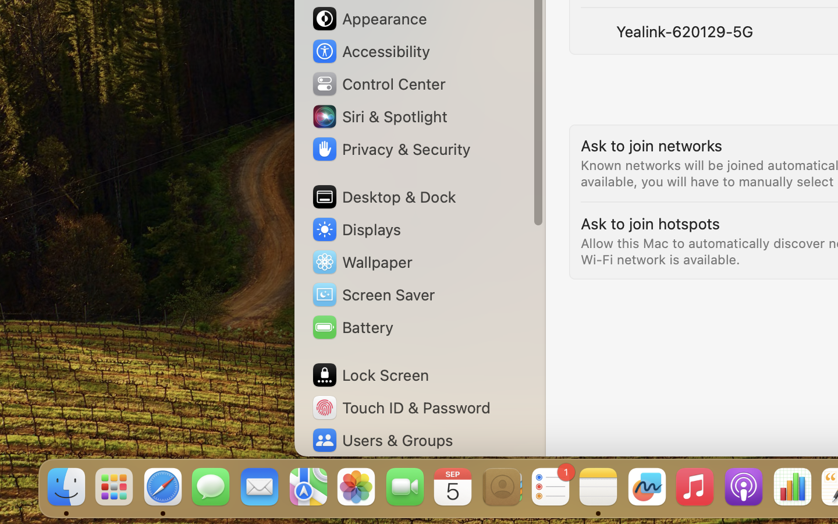 This screenshot has width=838, height=524. Describe the element at coordinates (684, 31) in the screenshot. I see `'Yealink-620129-5G'` at that location.